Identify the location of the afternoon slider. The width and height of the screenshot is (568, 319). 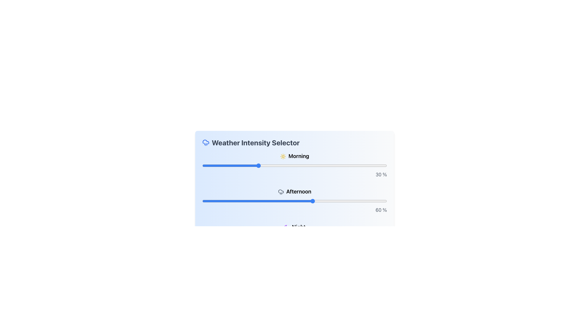
(361, 201).